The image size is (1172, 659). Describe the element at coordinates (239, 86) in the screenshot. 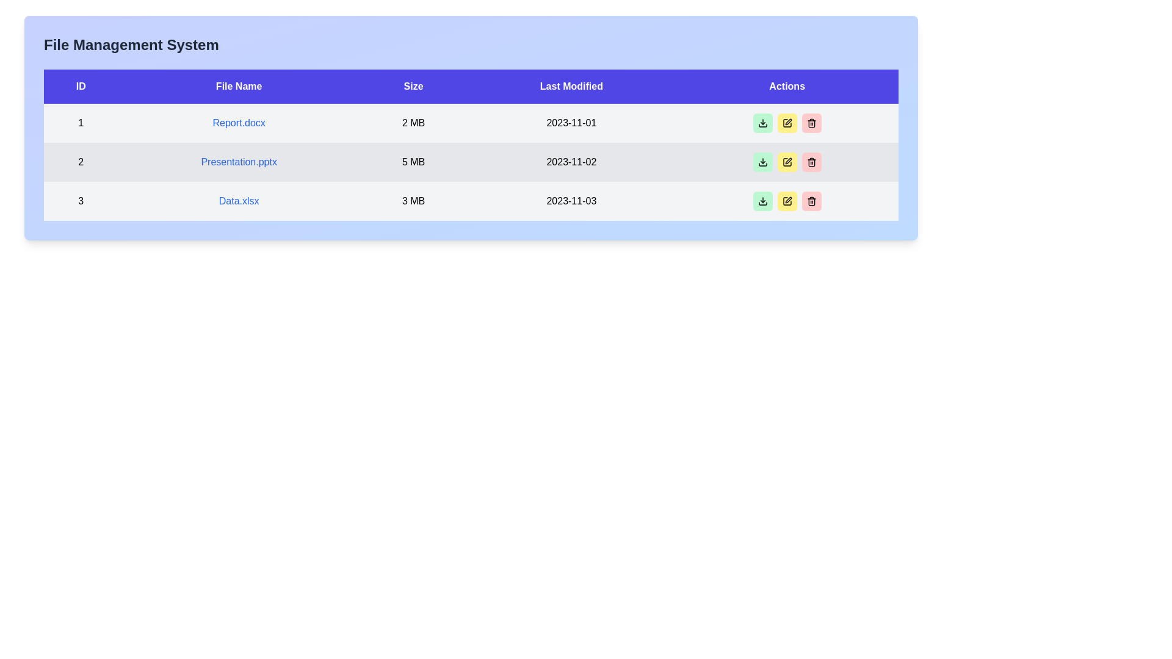

I see `the second column header in the table that indicates the content pertains to file names, positioned between the 'ID' and 'Size' columns` at that location.